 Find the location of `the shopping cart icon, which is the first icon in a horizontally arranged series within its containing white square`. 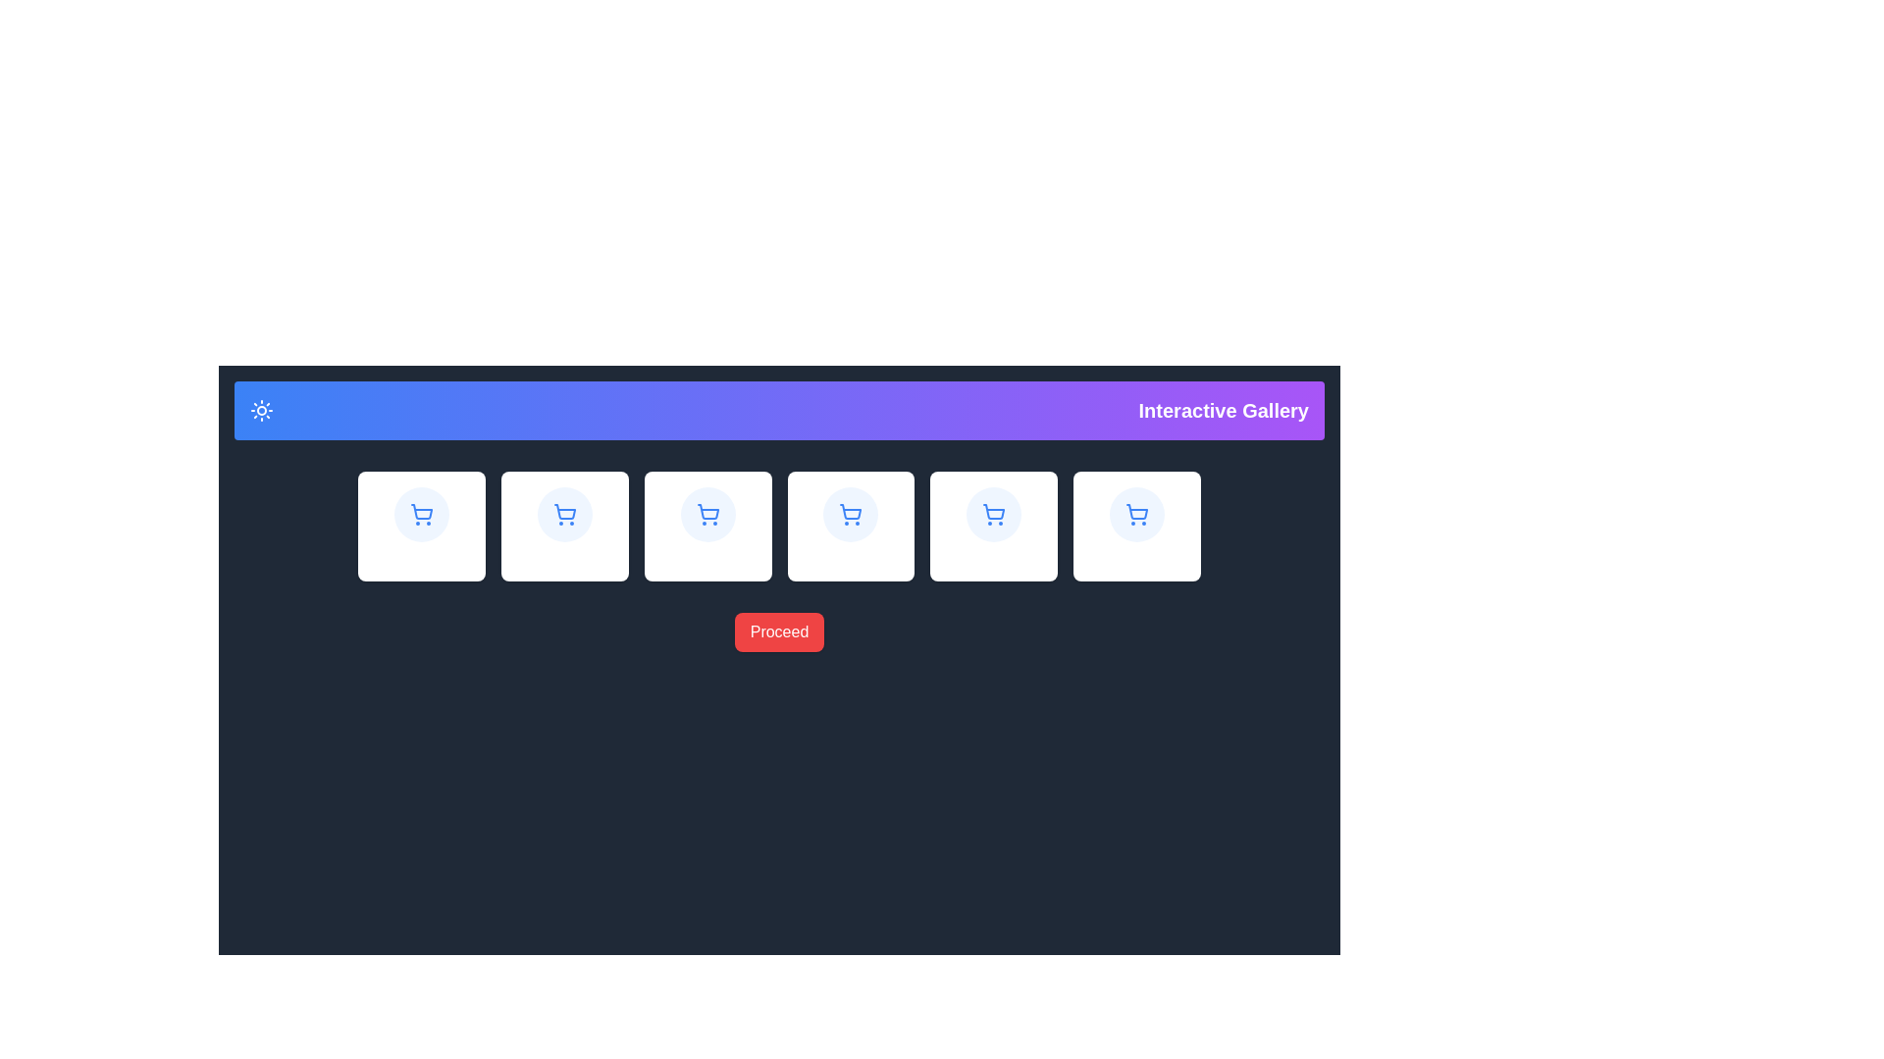

the shopping cart icon, which is the first icon in a horizontally arranged series within its containing white square is located at coordinates (420, 511).